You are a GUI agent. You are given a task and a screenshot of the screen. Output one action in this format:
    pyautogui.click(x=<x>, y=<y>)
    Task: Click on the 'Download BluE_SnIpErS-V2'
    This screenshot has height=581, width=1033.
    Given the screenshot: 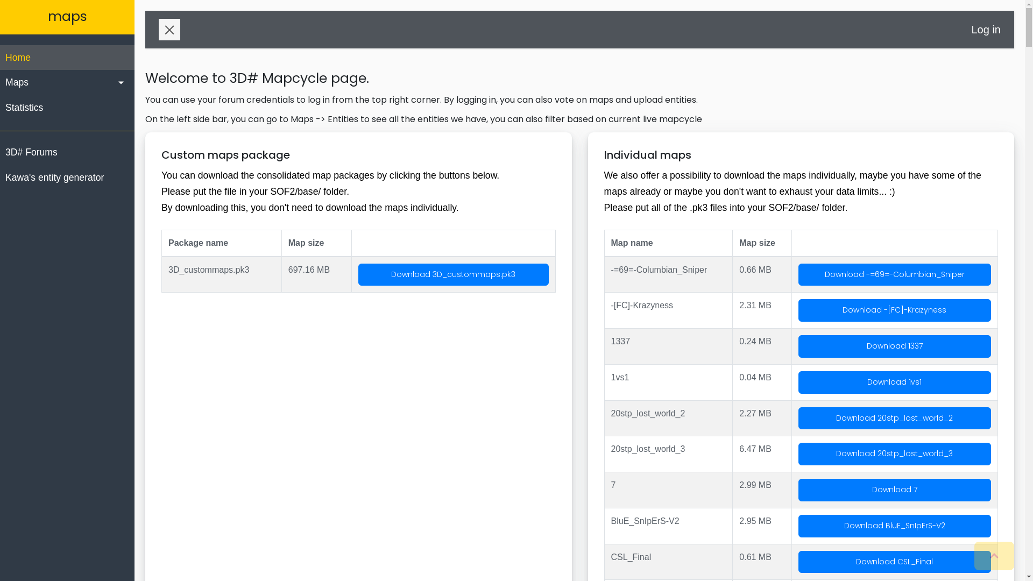 What is the action you would take?
    pyautogui.click(x=894, y=526)
    